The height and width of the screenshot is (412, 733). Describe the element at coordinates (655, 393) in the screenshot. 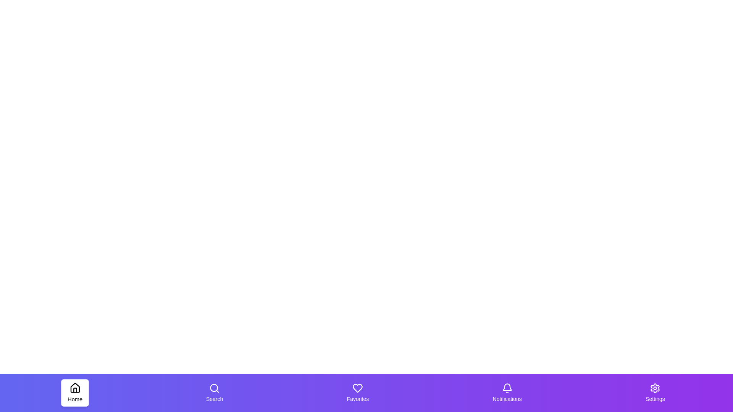

I see `the tab labeled Settings to trigger its hover effect` at that location.